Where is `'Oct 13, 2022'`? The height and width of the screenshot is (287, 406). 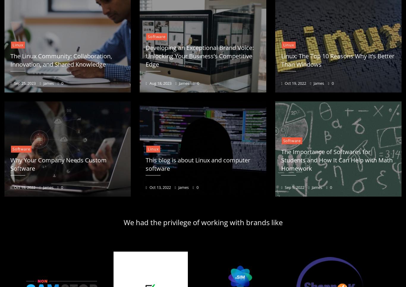
'Oct 13, 2022' is located at coordinates (148, 186).